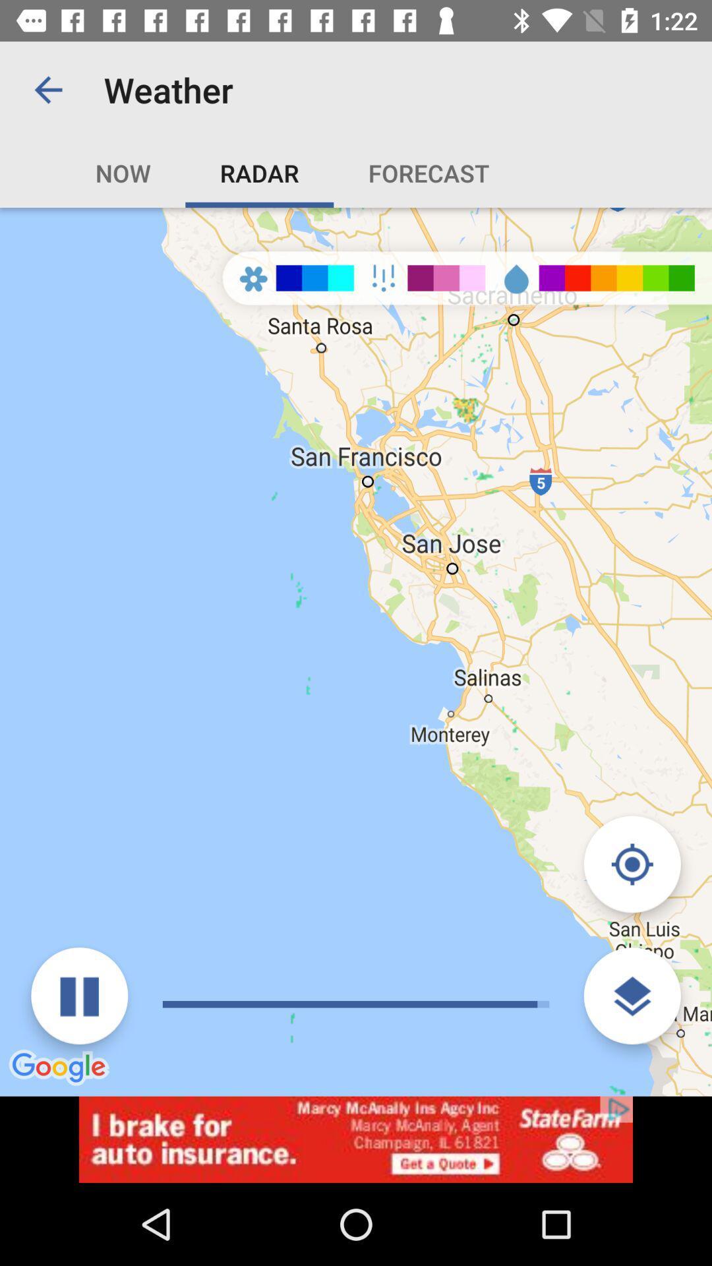 Image resolution: width=712 pixels, height=1266 pixels. Describe the element at coordinates (632, 864) in the screenshot. I see `the location_crosshair icon` at that location.